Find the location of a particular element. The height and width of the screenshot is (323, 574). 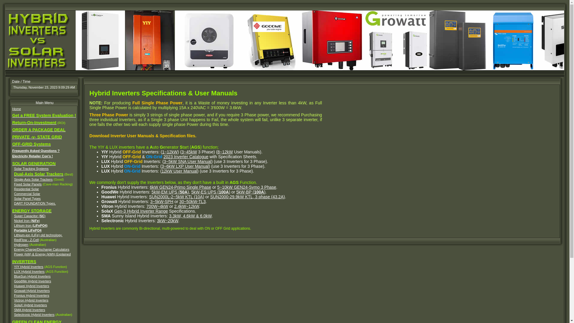

'2.4kW~12kW' is located at coordinates (186, 206).